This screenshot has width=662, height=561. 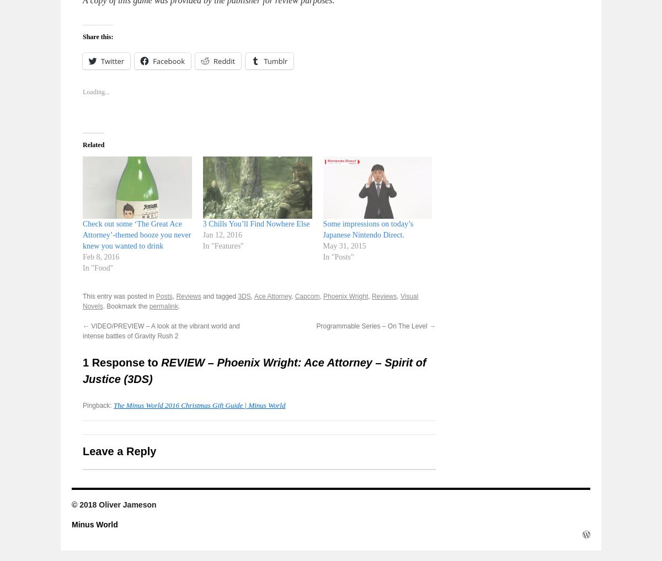 I want to click on 'This entry was posted in', so click(x=119, y=296).